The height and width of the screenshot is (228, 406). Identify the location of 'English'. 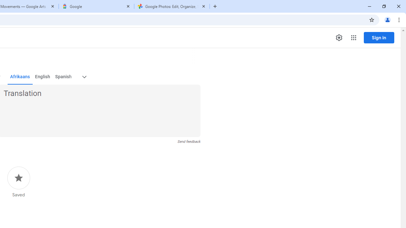
(42, 77).